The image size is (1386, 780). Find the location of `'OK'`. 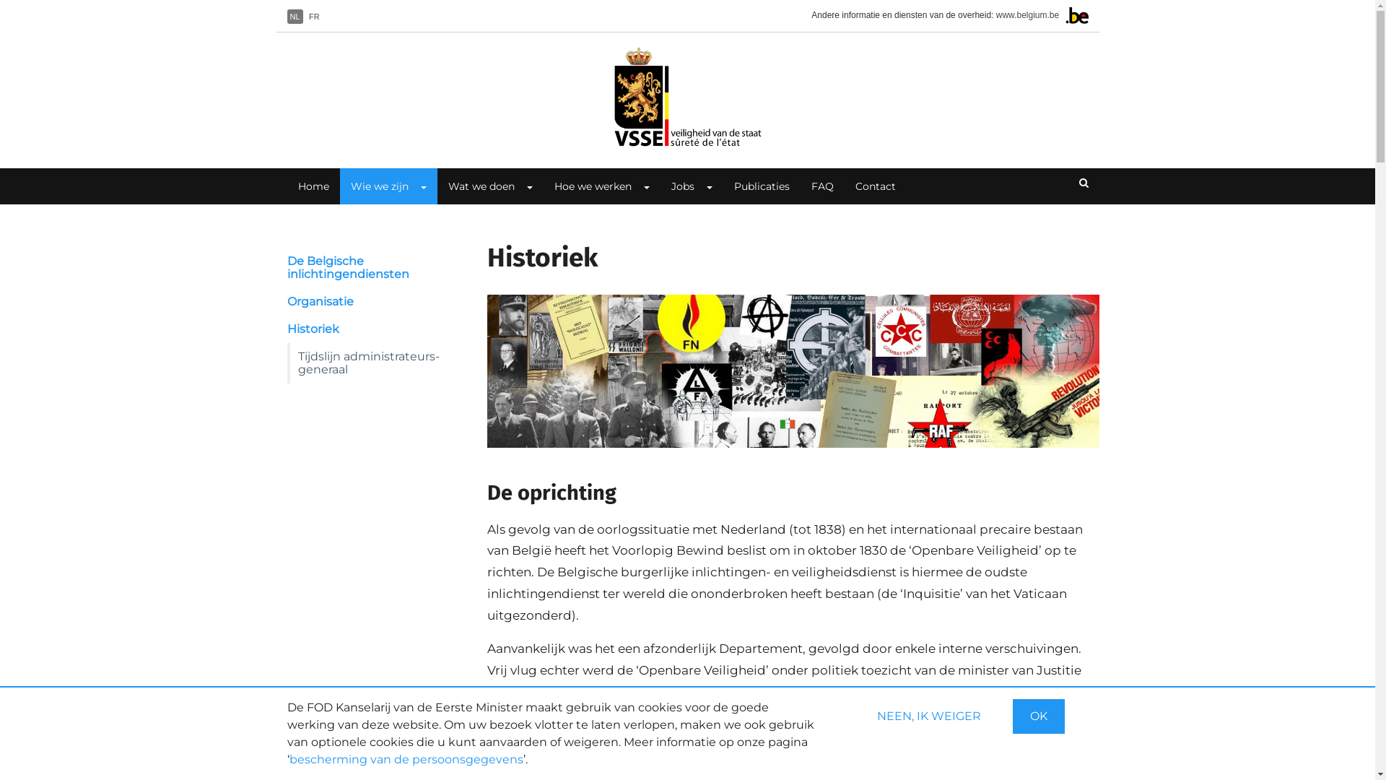

'OK' is located at coordinates (1037, 716).